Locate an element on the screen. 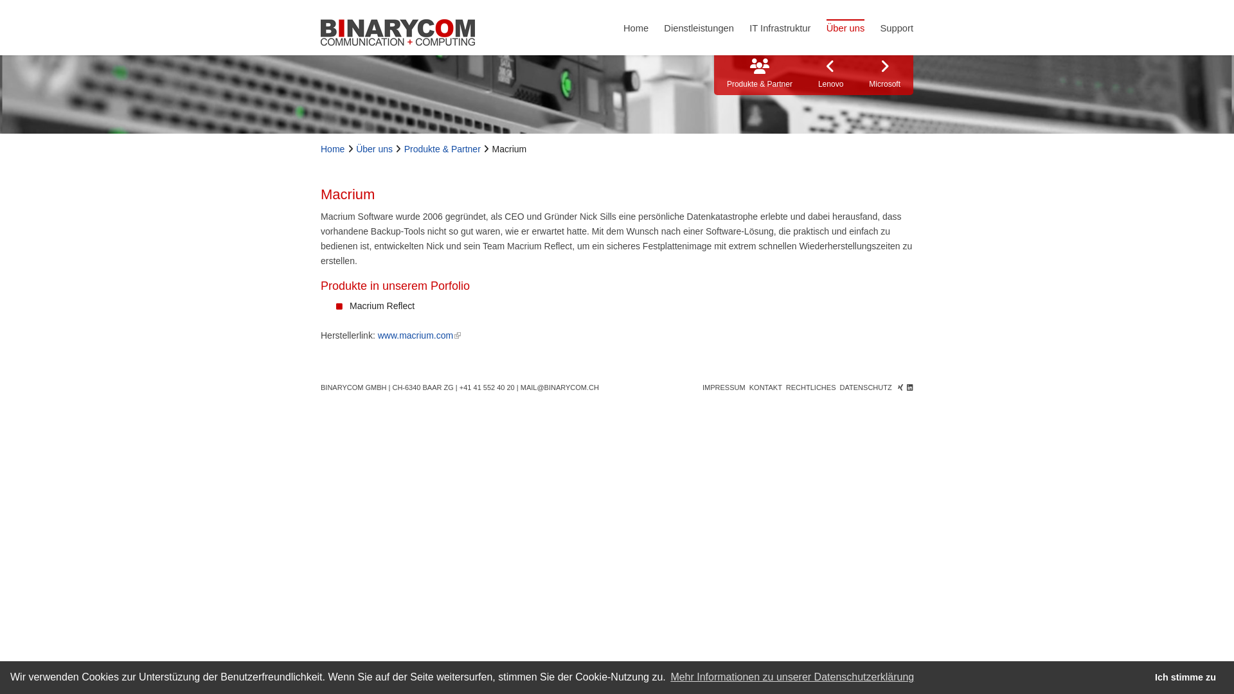  'Dienstleistungen' is located at coordinates (698, 27).